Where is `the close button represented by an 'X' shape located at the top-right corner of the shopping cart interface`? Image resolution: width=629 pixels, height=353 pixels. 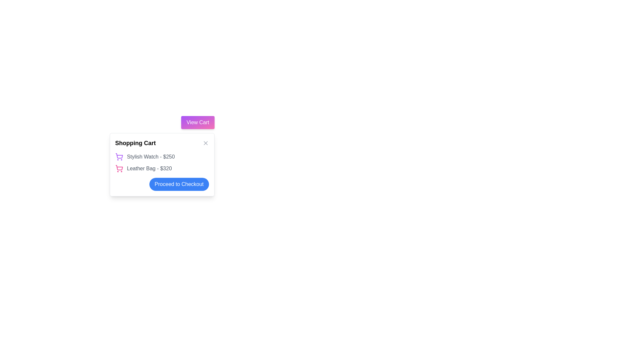
the close button represented by an 'X' shape located at the top-right corner of the shopping cart interface is located at coordinates (205, 143).